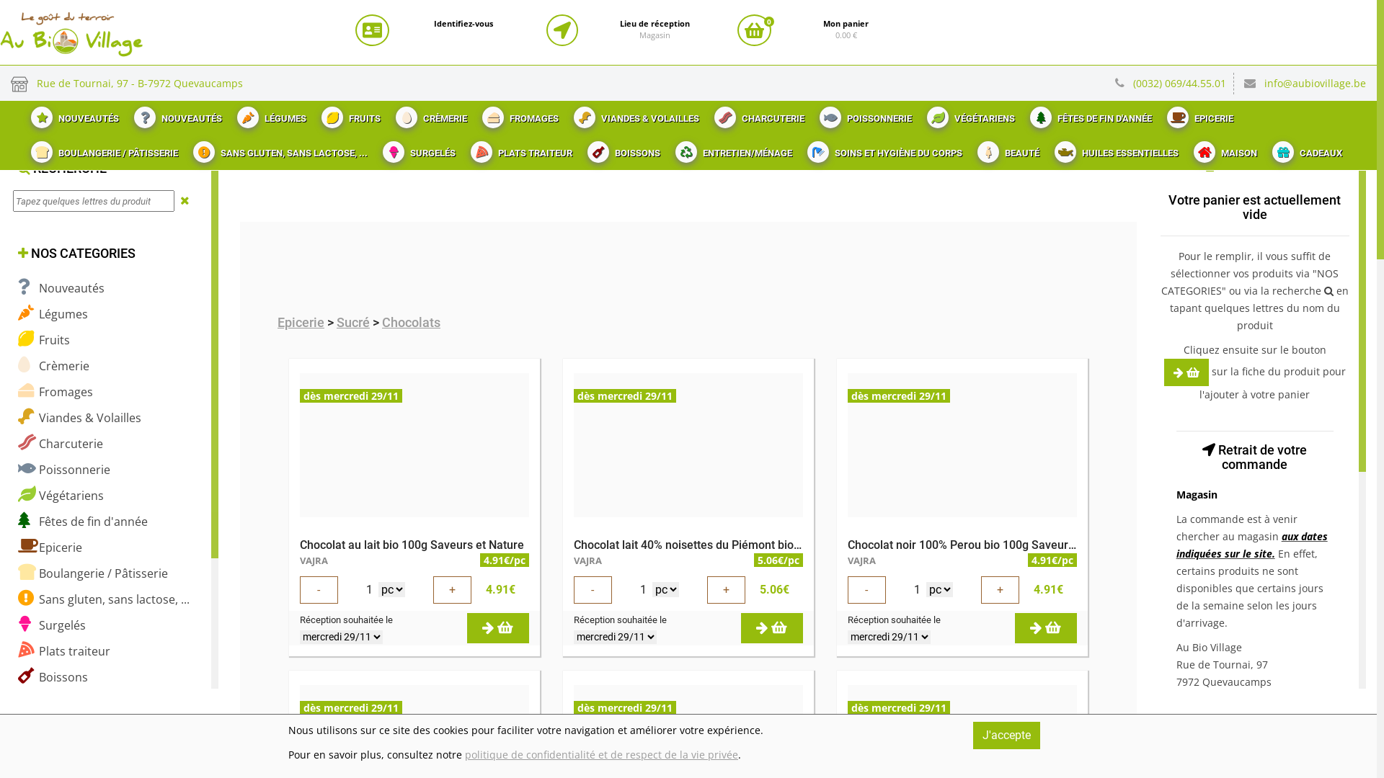 The height and width of the screenshot is (778, 1384). What do you see at coordinates (410, 321) in the screenshot?
I see `'Chocolats'` at bounding box center [410, 321].